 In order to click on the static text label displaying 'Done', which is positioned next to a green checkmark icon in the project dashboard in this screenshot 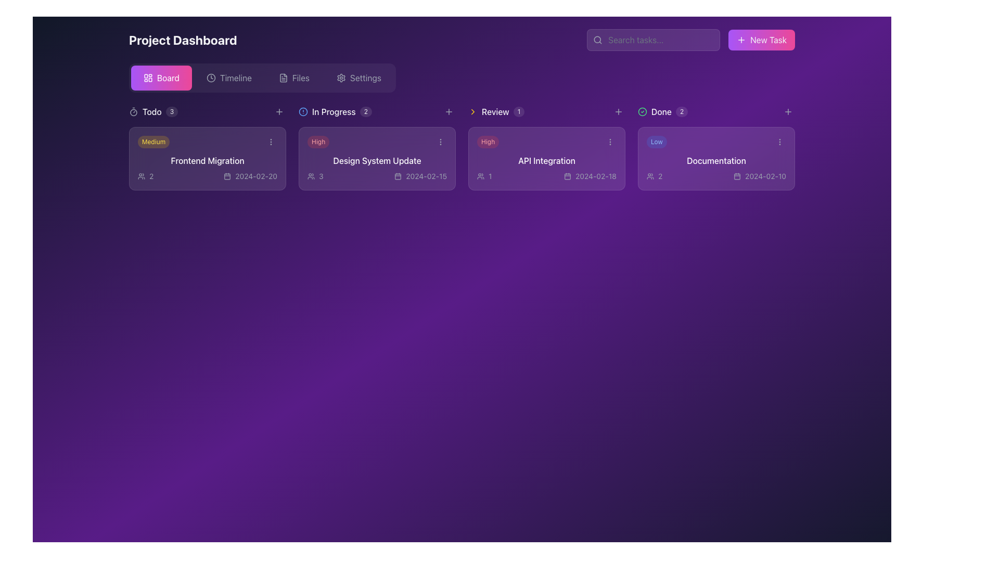, I will do `click(661, 112)`.